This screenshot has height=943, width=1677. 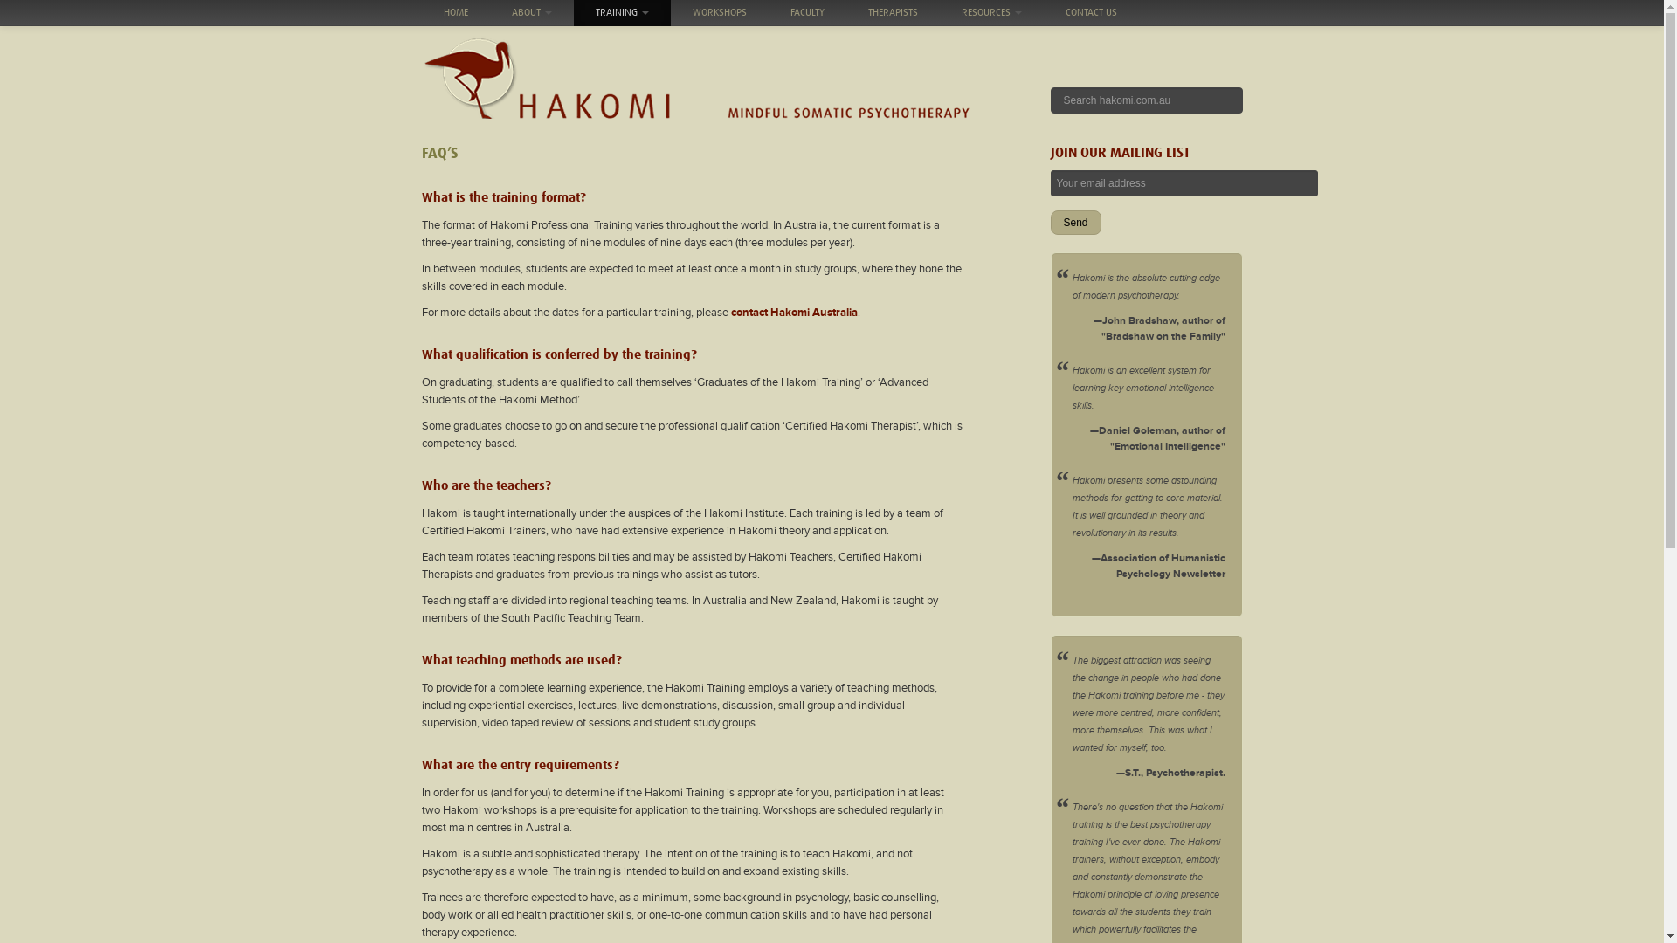 I want to click on 'THERAPISTS', so click(x=892, y=13).